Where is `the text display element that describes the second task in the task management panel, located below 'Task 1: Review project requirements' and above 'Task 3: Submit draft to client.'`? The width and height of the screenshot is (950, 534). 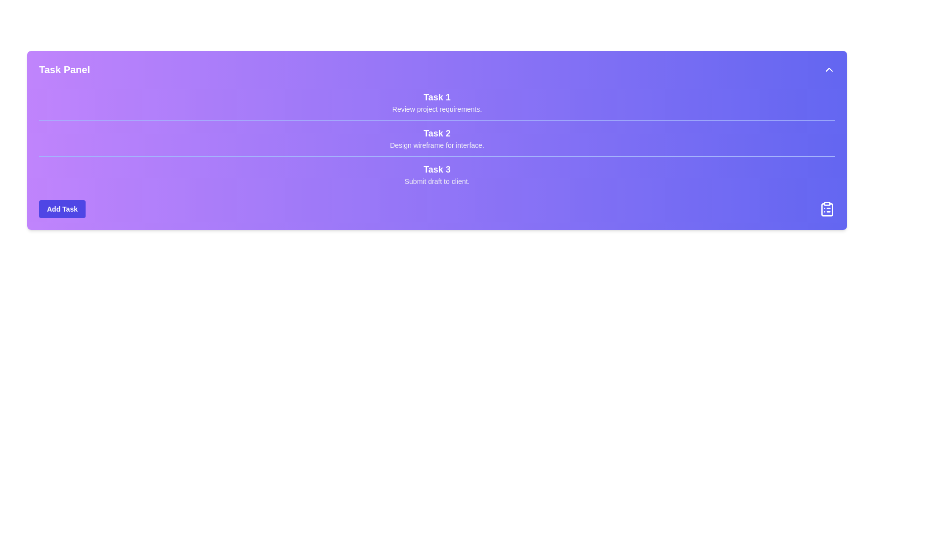
the text display element that describes the second task in the task management panel, located below 'Task 1: Review project requirements' and above 'Task 3: Submit draft to client.' is located at coordinates (436, 138).